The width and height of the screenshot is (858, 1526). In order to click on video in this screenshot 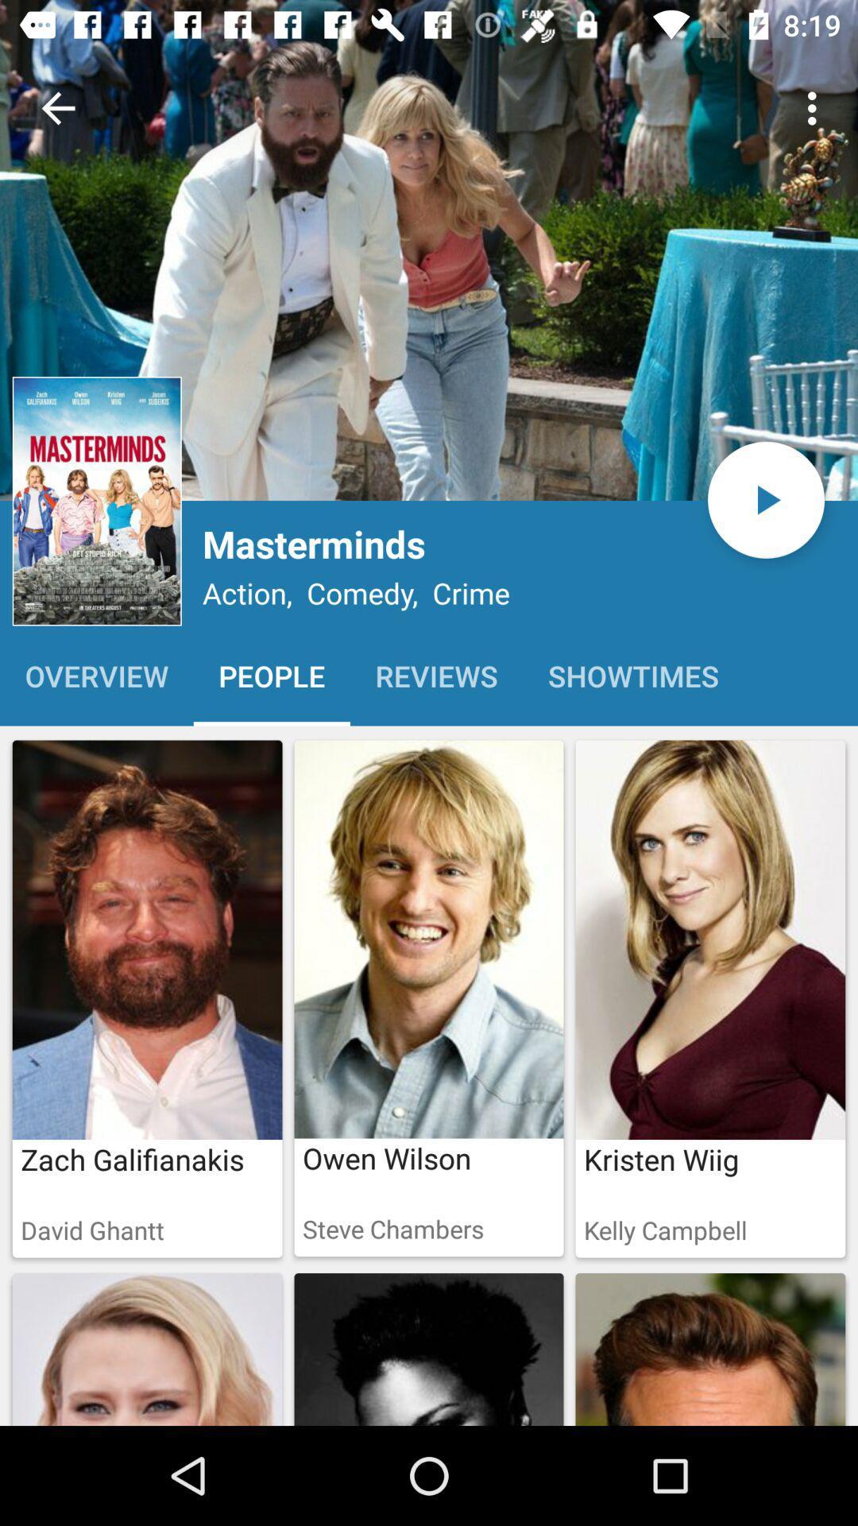, I will do `click(765, 499)`.